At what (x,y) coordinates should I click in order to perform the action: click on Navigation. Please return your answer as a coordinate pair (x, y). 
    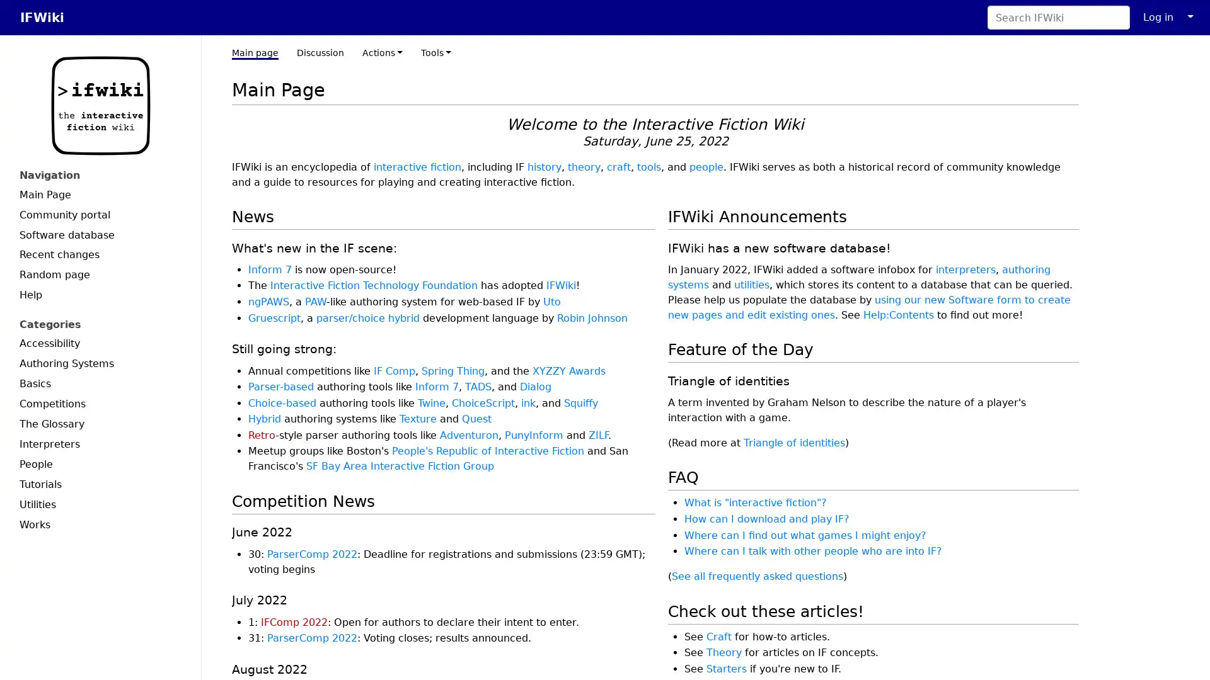
    Looking at the image, I should click on (100, 175).